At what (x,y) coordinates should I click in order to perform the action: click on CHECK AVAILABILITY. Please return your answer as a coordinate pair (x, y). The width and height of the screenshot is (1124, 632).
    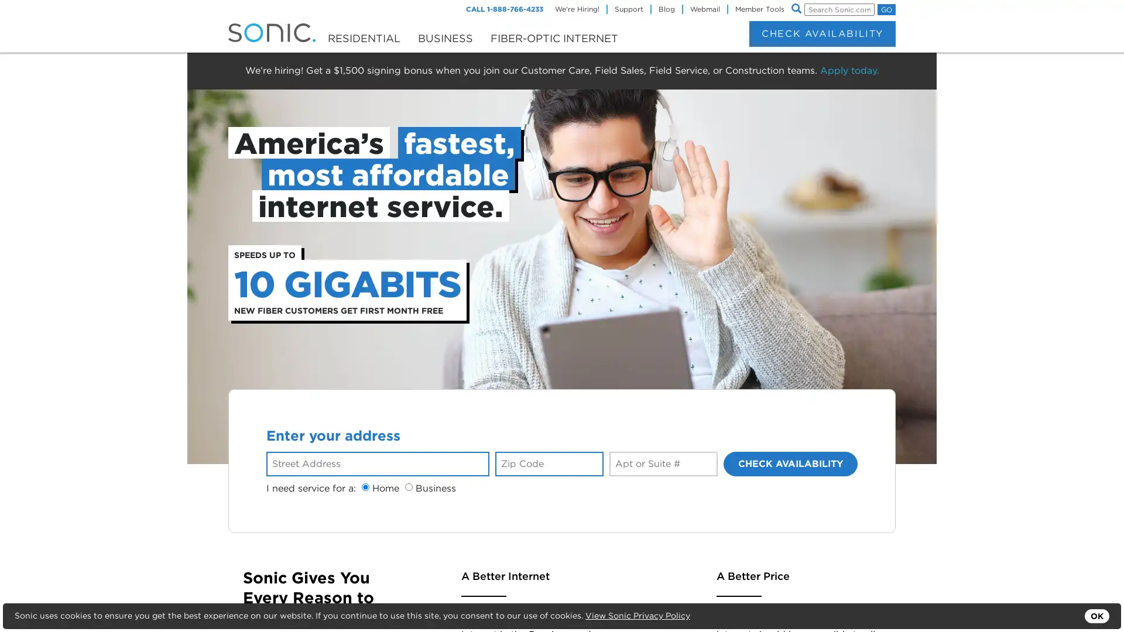
    Looking at the image, I should click on (790, 462).